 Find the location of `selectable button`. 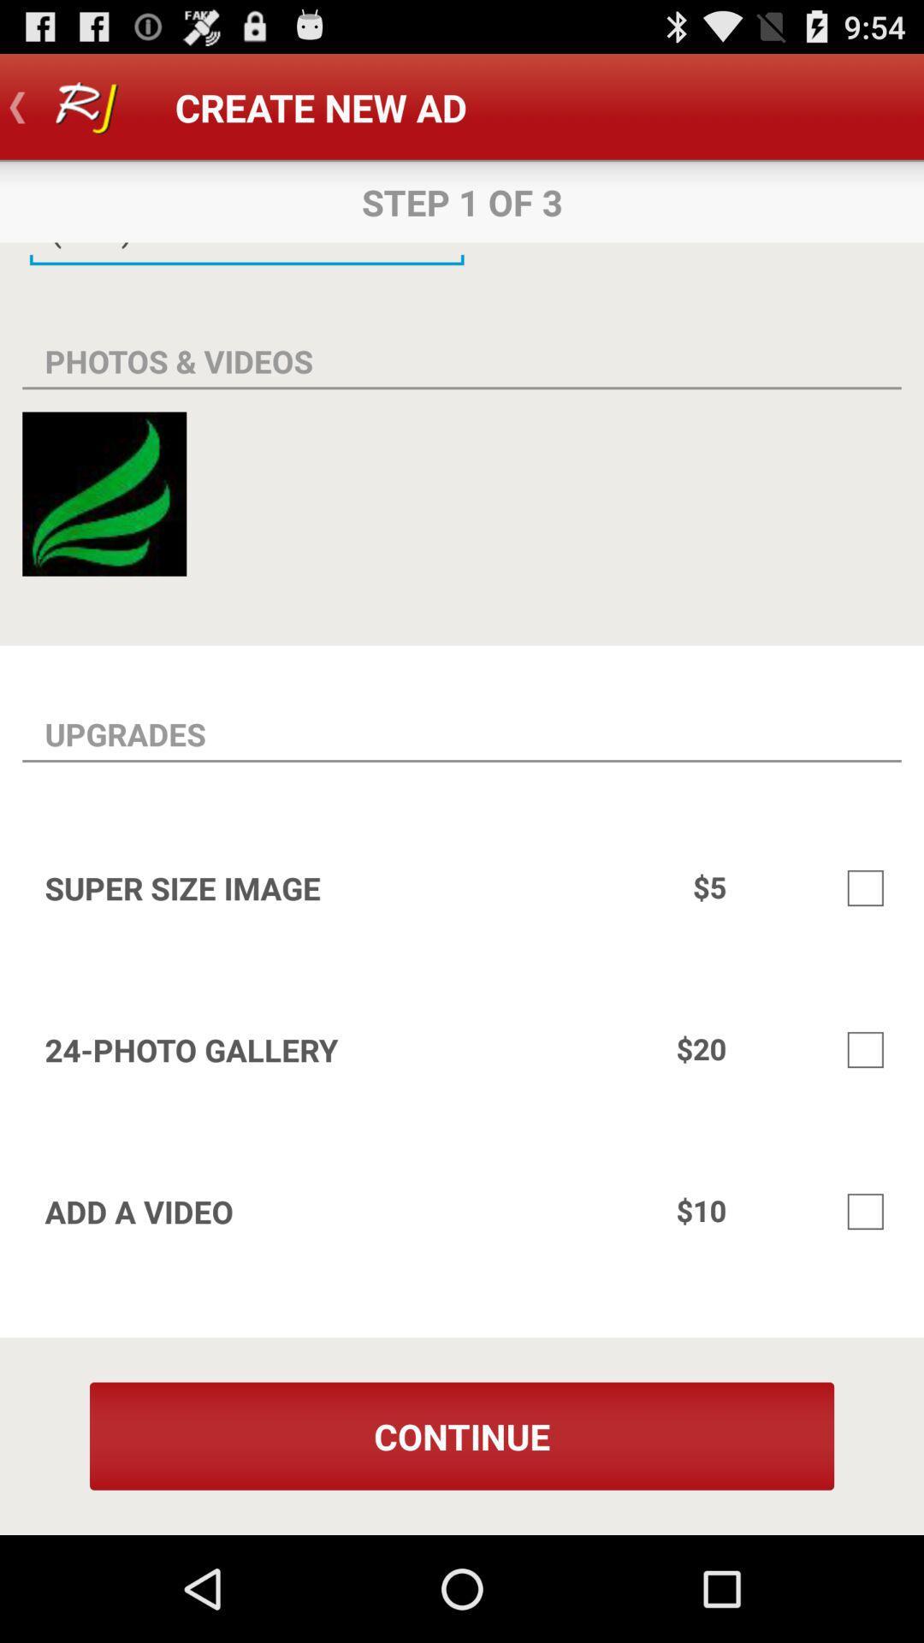

selectable button is located at coordinates (865, 1211).